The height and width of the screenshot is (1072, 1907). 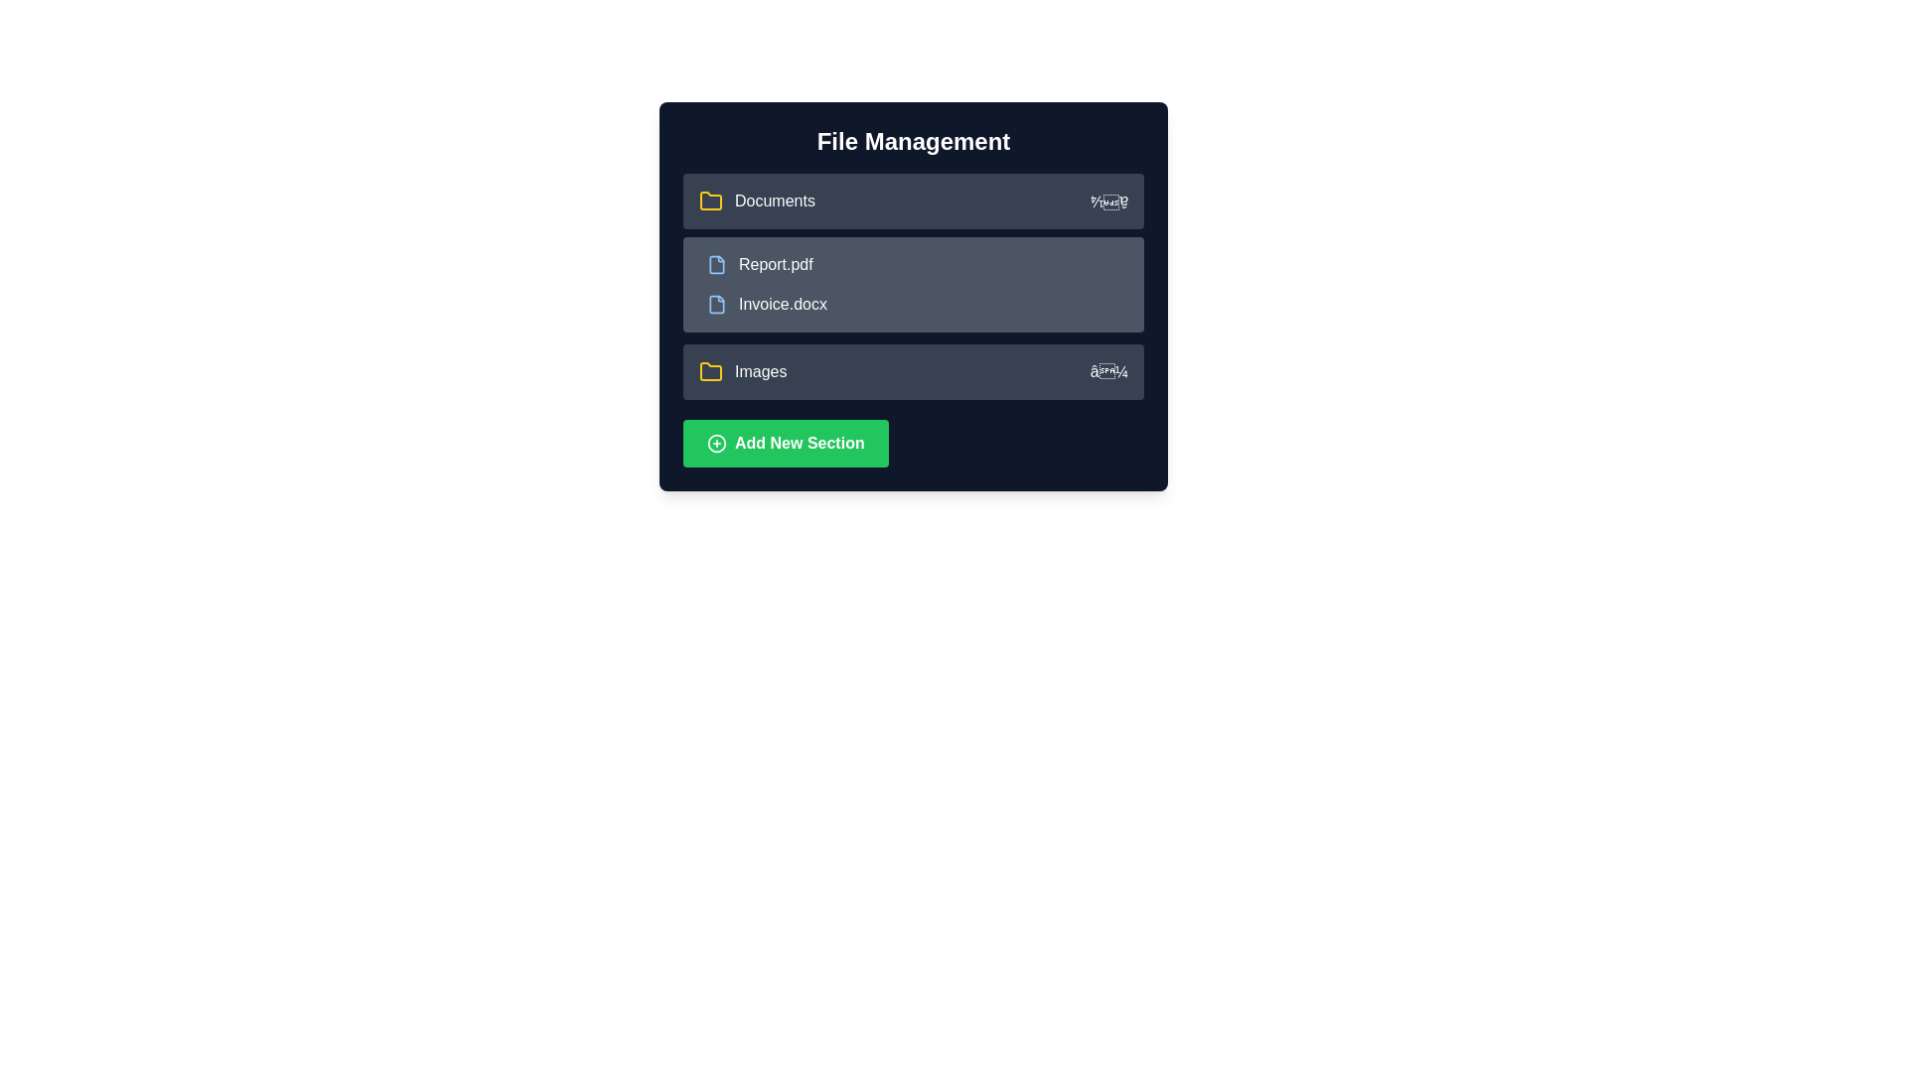 I want to click on the graphical circle icon within the 'Add New Section' button, which visually represents the action of adding or creating something new, so click(x=715, y=443).